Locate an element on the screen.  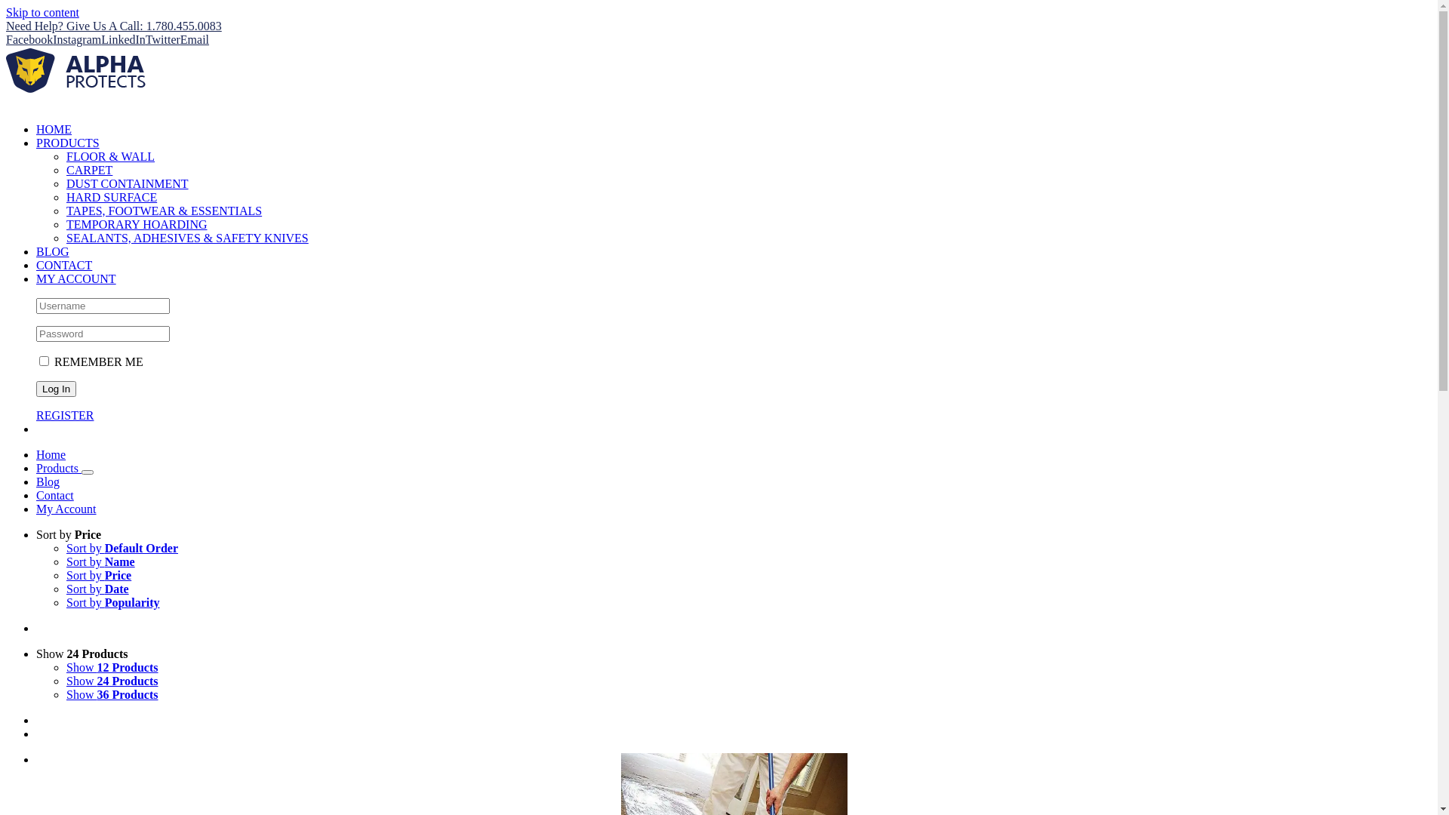
'CARPET' is located at coordinates (88, 170).